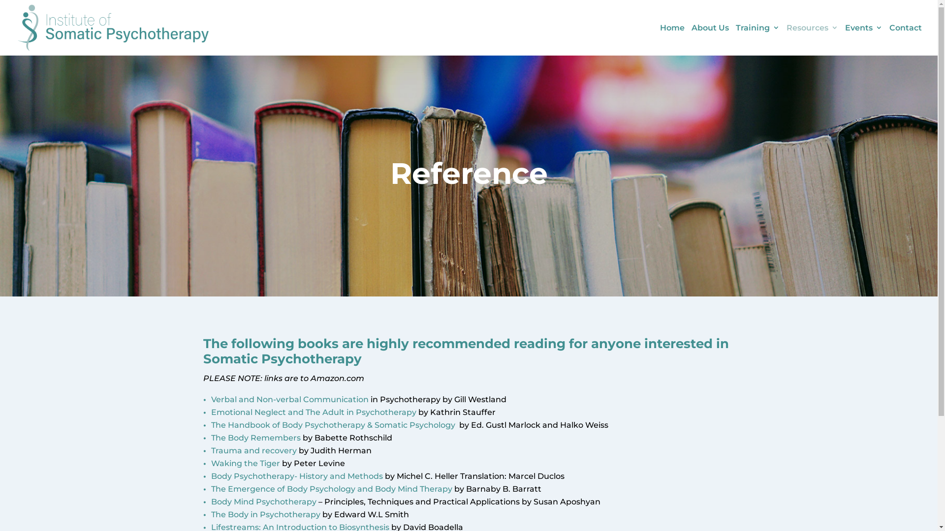  What do you see at coordinates (333, 424) in the screenshot?
I see `'The Handbook of Body Psychotherapy & Somatic Psychology'` at bounding box center [333, 424].